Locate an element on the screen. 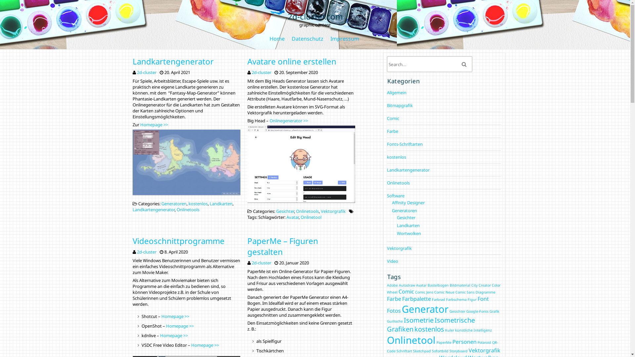  'Videoschnittprogramme' is located at coordinates (178, 241).